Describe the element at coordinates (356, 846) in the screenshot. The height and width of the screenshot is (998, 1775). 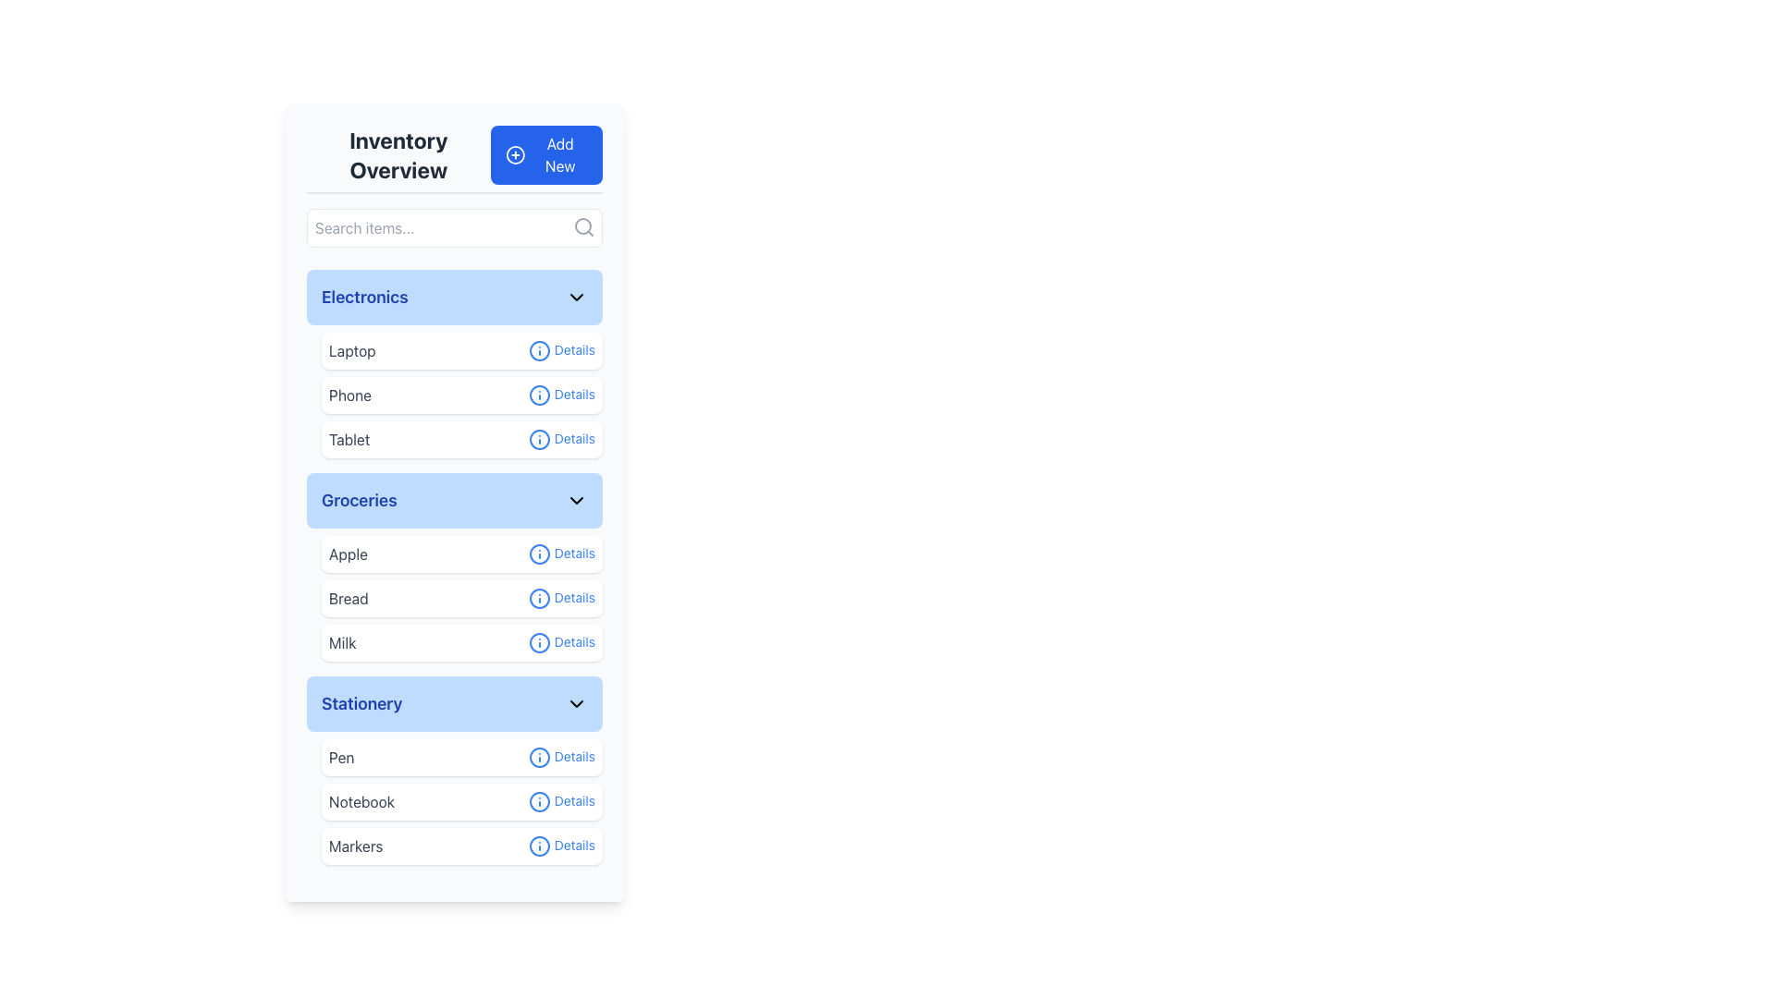
I see `the non-interactive text label for 'Markers', which is the first left-aligned text element in a white rounded box under the Stationery category` at that location.